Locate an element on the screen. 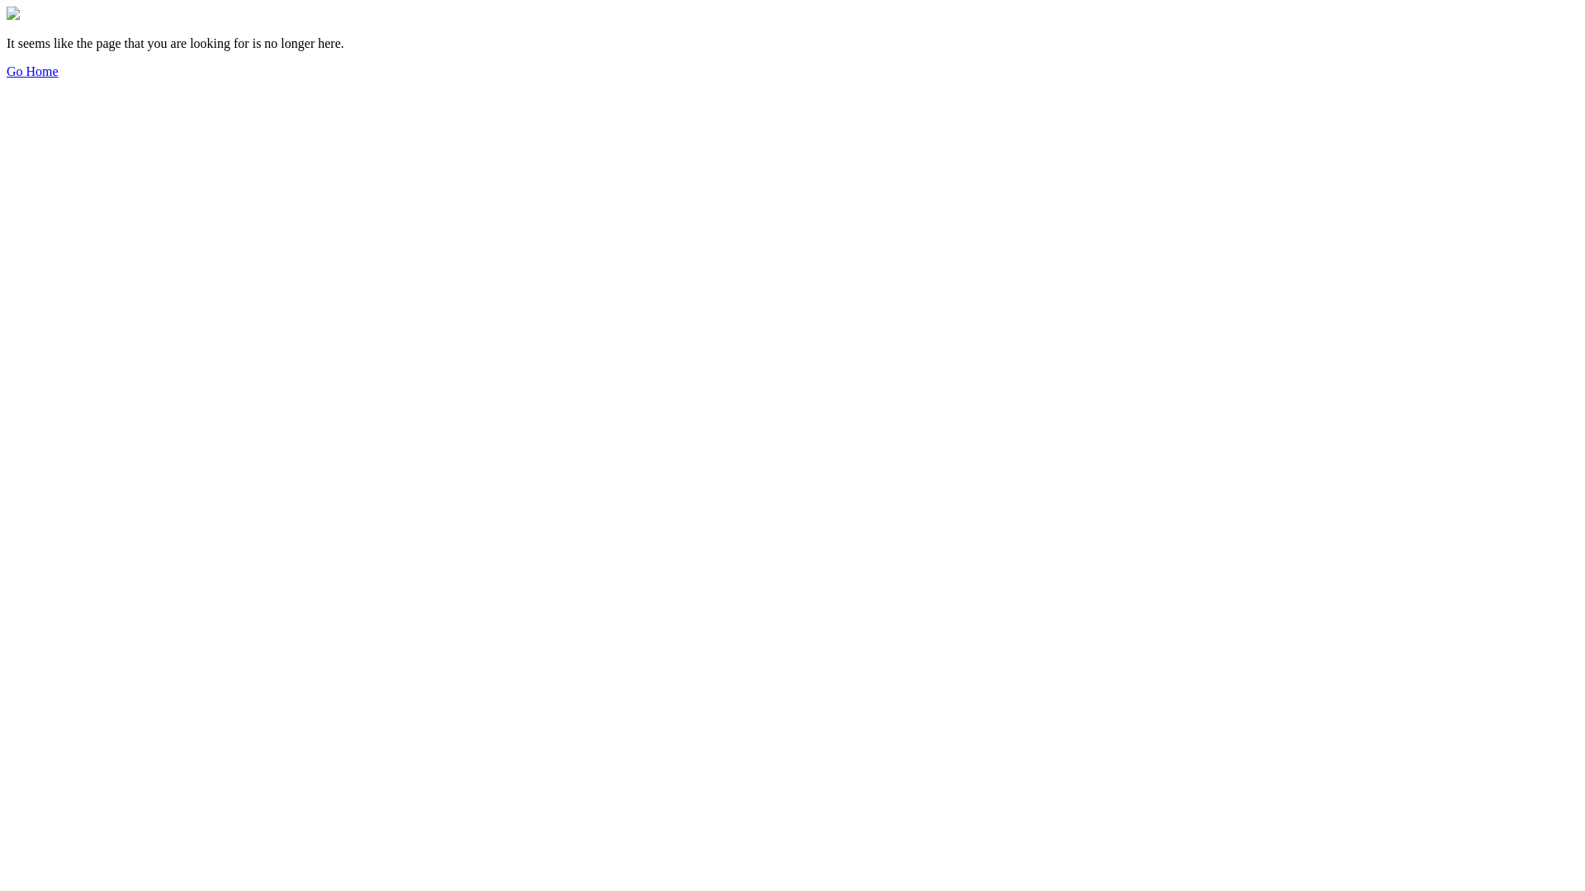 The width and height of the screenshot is (1585, 891). 'Go Home' is located at coordinates (7, 70).